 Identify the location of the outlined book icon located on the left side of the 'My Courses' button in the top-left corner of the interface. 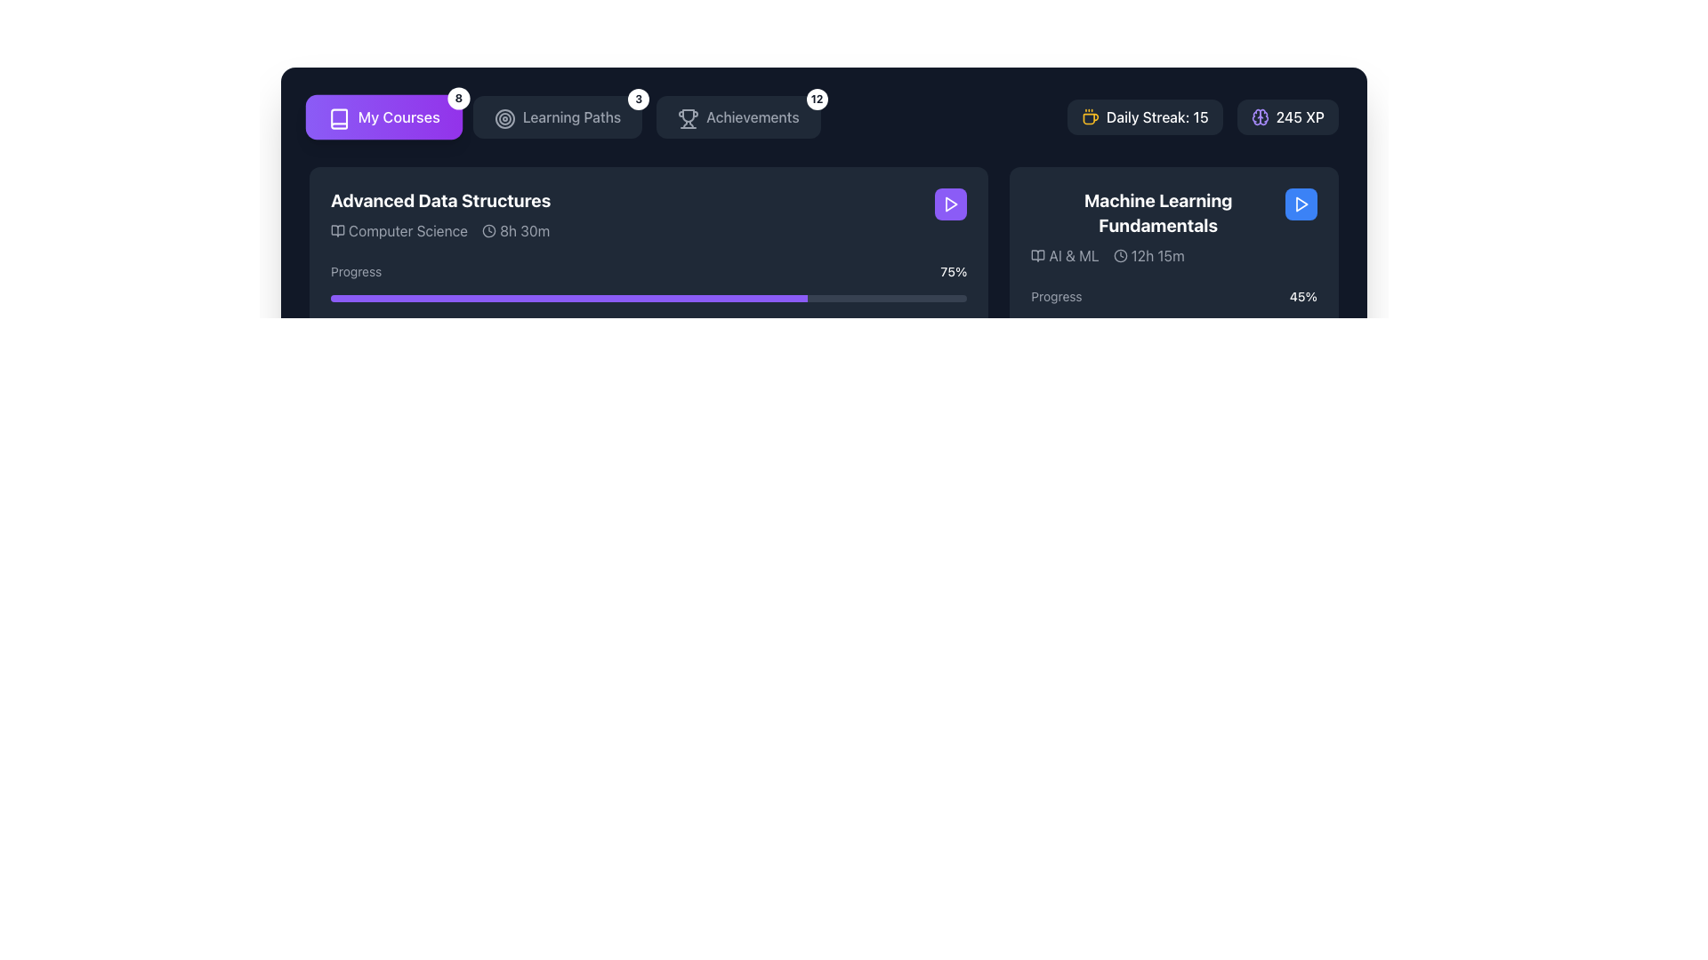
(339, 119).